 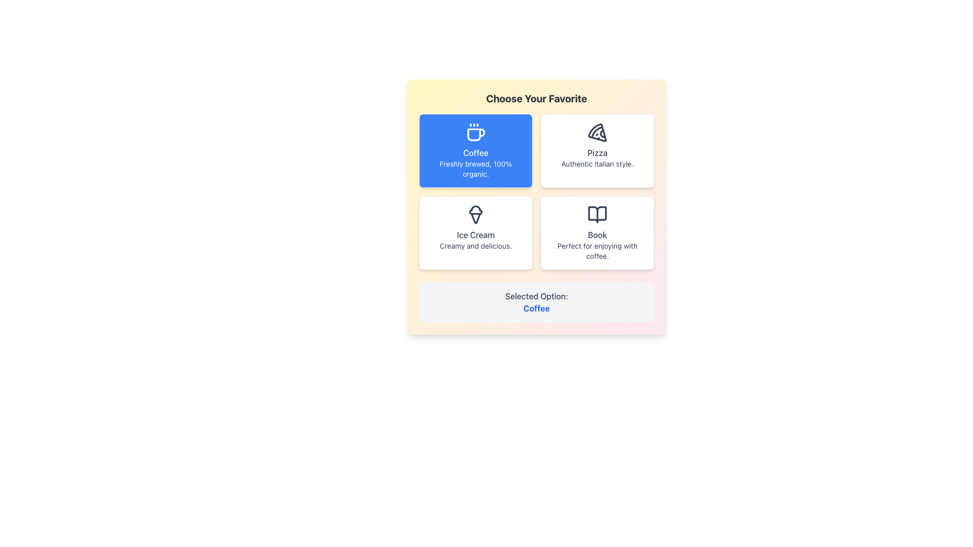 I want to click on the open book icon located in the bottom-right card of the grid arrangement, positioned above the text 'Book' and 'Perfect for enjoying with coffee.', so click(x=597, y=214).